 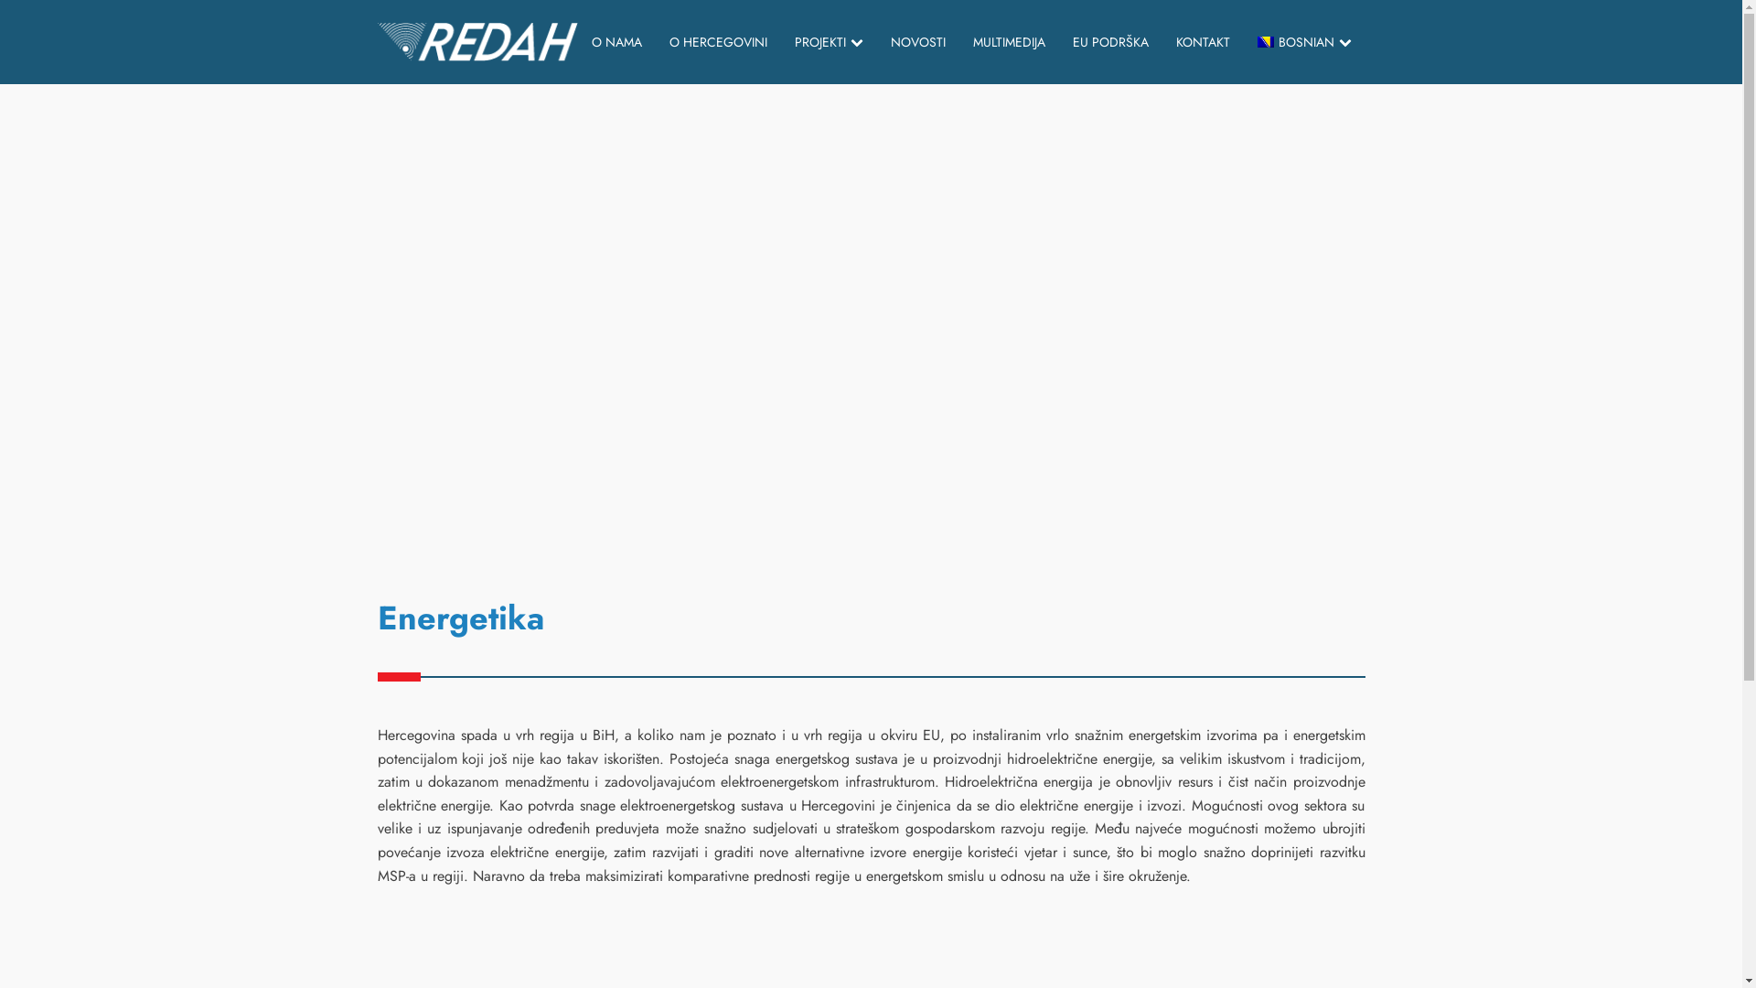 What do you see at coordinates (717, 41) in the screenshot?
I see `'O HERCEGOVINI'` at bounding box center [717, 41].